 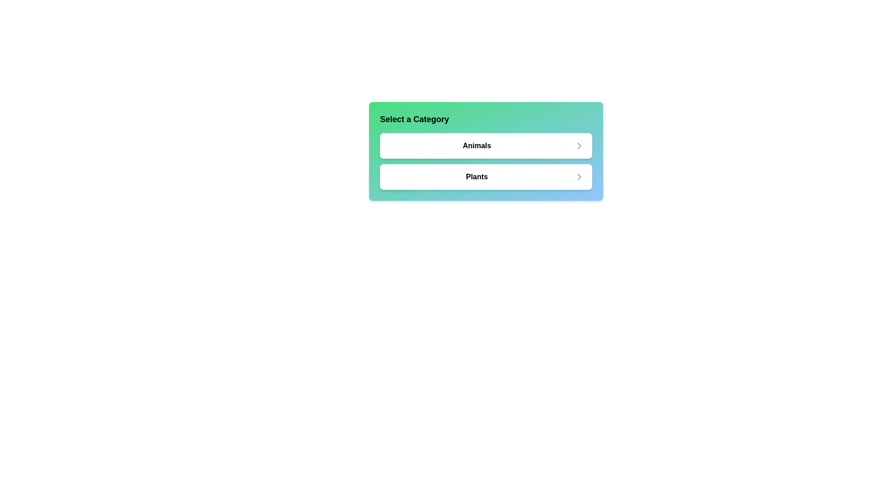 I want to click on the right-chevron SVG icon that is part of the first item labeled 'Animals' in a vertical list of options, so click(x=579, y=145).